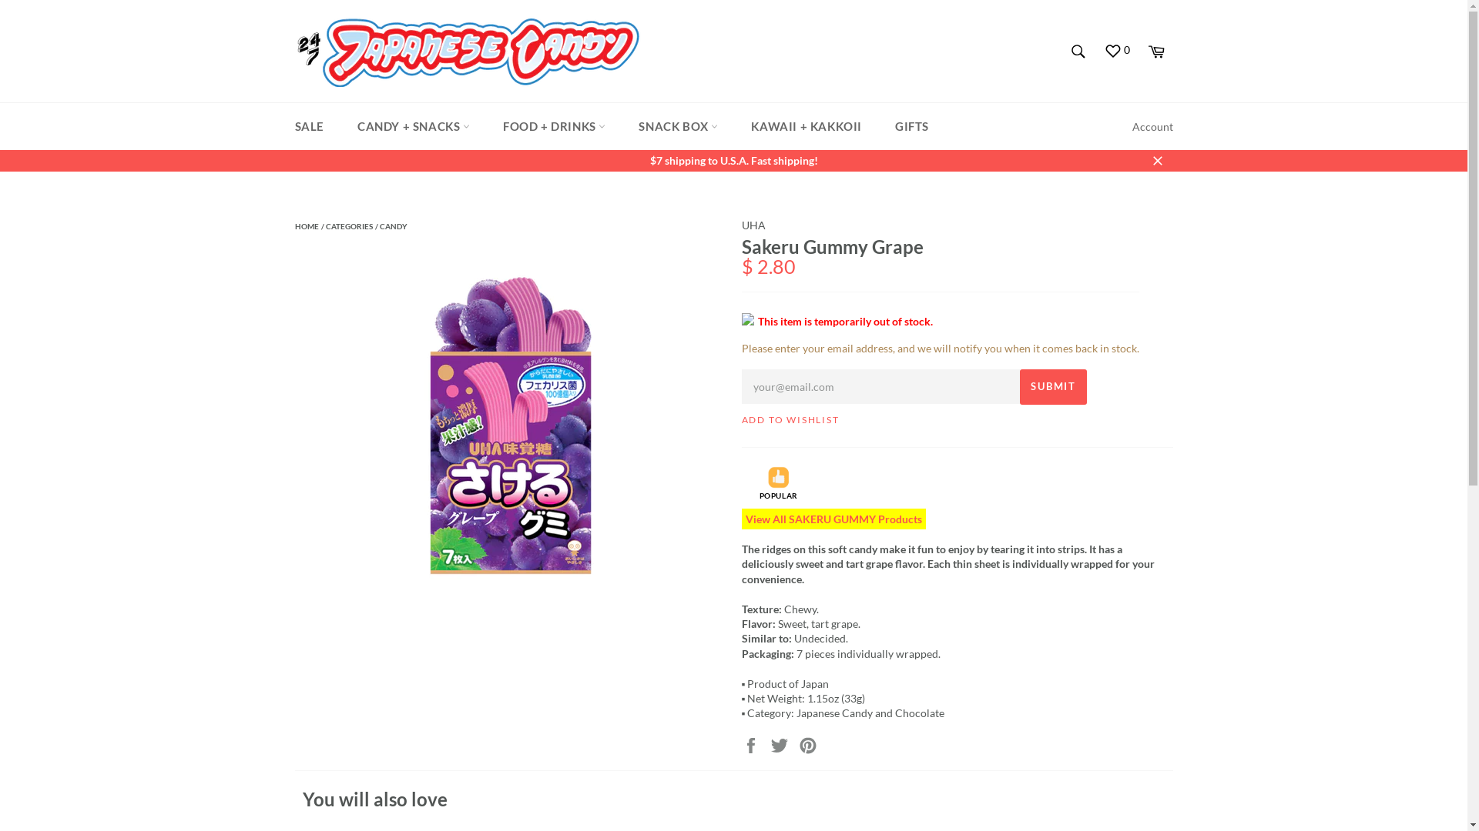 The height and width of the screenshot is (831, 1479). What do you see at coordinates (1078, 50) in the screenshot?
I see `'Search'` at bounding box center [1078, 50].